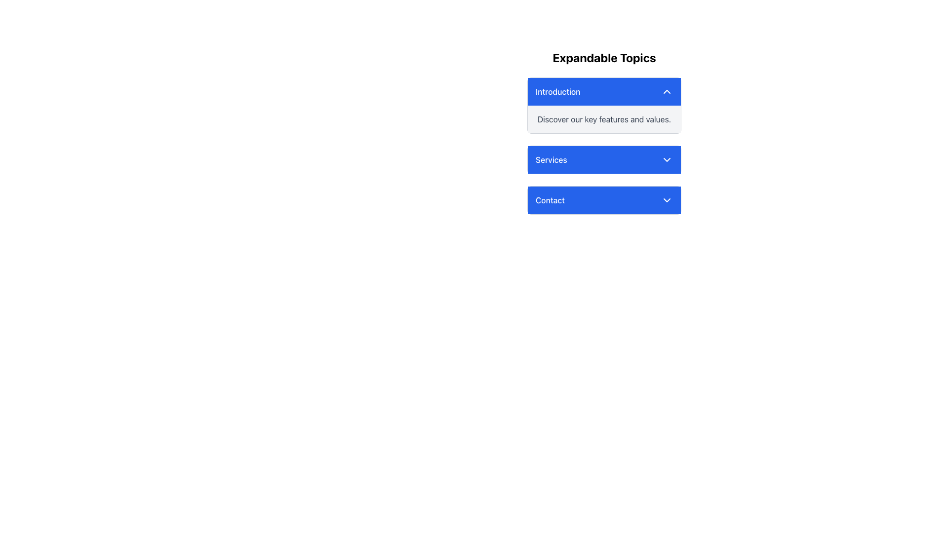  Describe the element at coordinates (604, 105) in the screenshot. I see `the header of the first expandable panel titled 'Introduction'` at that location.